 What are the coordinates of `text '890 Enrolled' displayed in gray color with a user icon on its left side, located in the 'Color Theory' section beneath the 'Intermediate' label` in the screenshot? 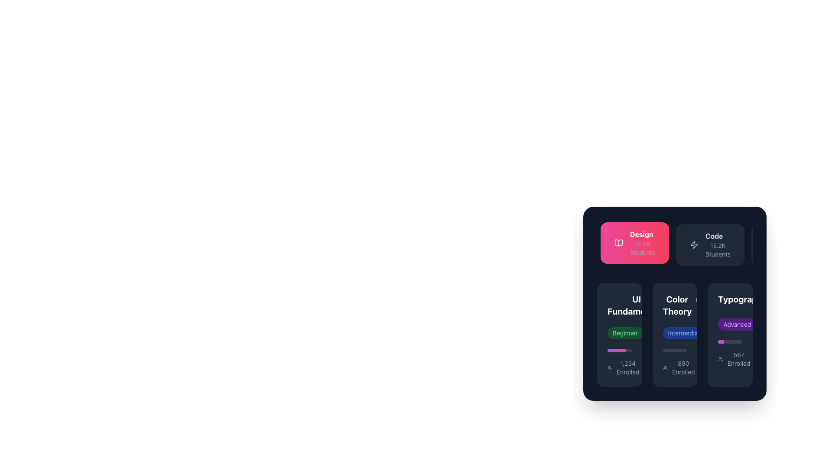 It's located at (674, 367).